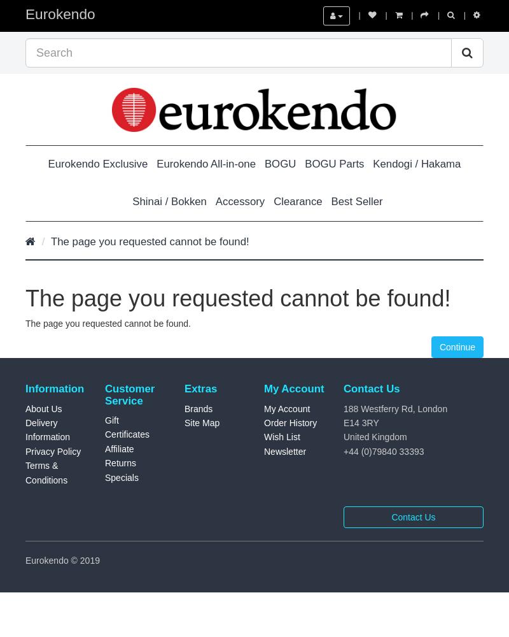 This screenshot has width=509, height=637. I want to click on 'BOGU Parts', so click(333, 164).